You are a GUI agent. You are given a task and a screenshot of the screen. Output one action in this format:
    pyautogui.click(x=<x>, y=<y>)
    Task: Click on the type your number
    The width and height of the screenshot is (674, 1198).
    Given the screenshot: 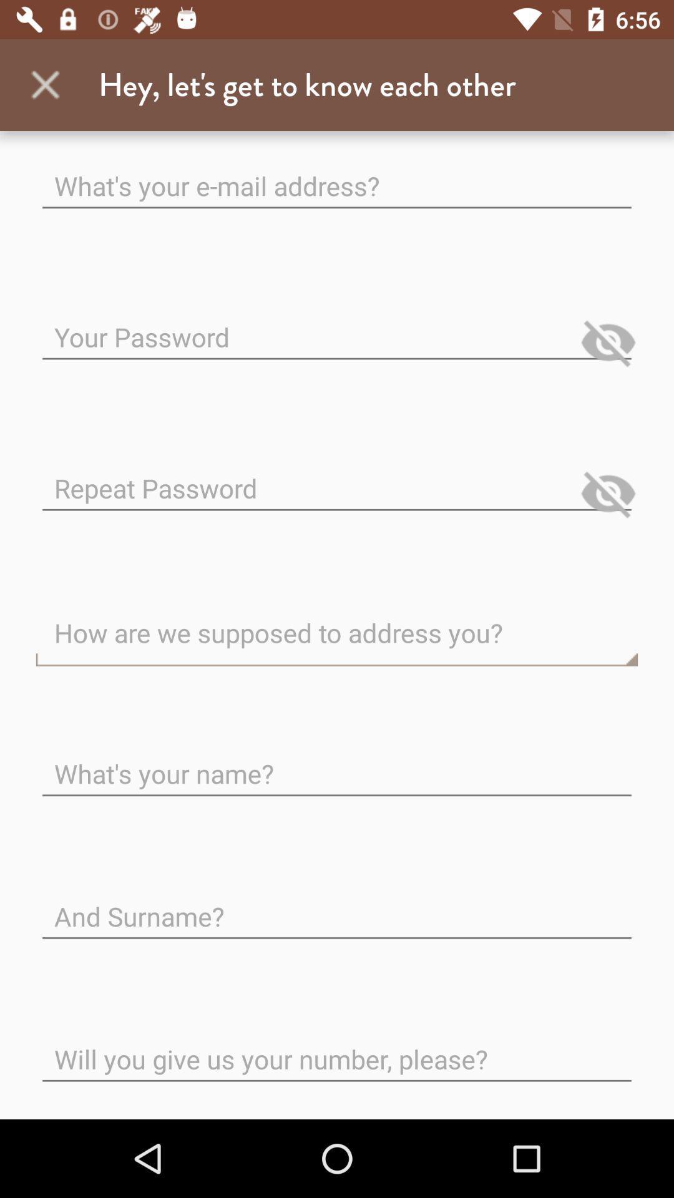 What is the action you would take?
    pyautogui.click(x=337, y=1048)
    